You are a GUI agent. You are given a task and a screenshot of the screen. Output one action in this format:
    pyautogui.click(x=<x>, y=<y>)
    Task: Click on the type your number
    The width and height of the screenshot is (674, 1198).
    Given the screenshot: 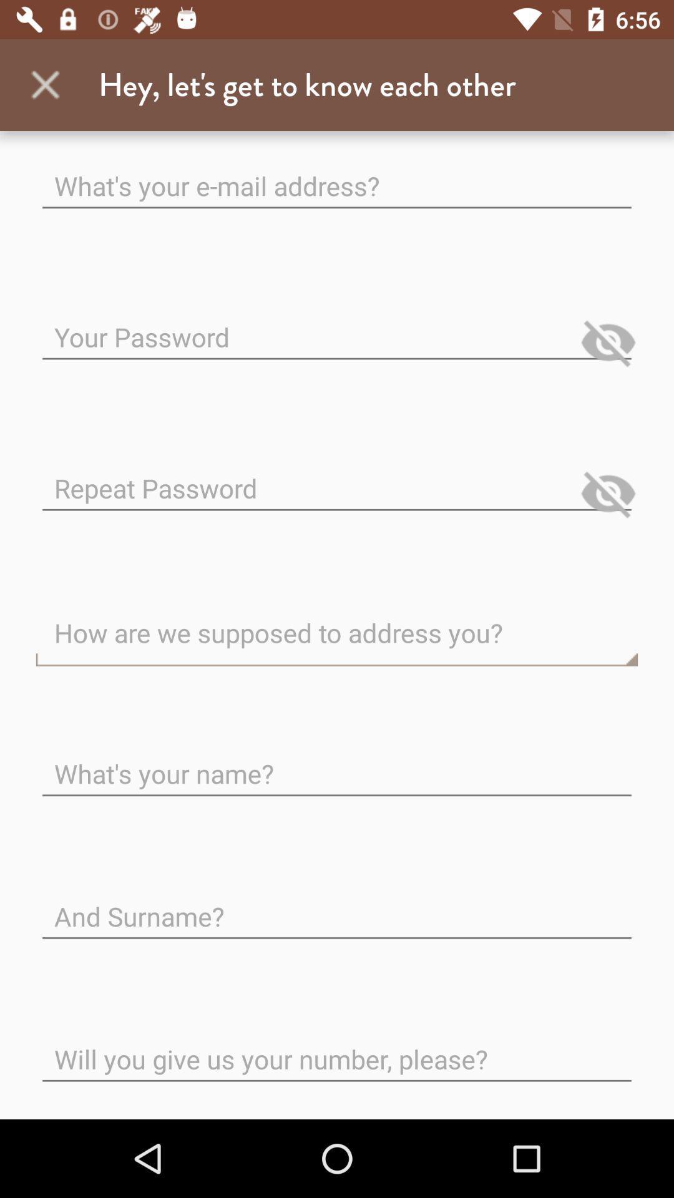 What is the action you would take?
    pyautogui.click(x=337, y=1048)
    